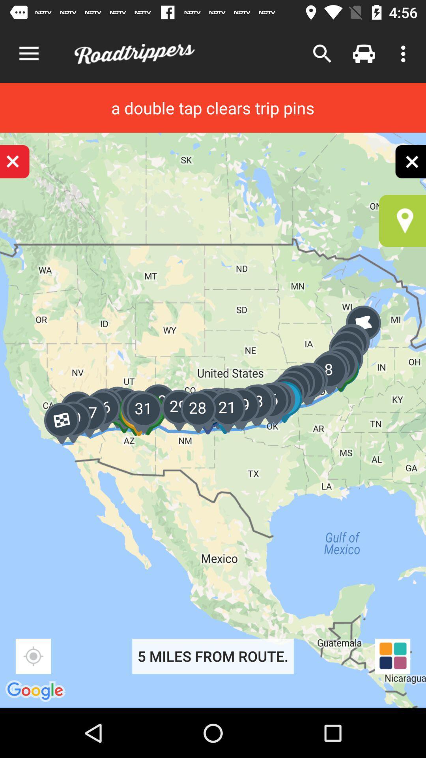  What do you see at coordinates (33, 656) in the screenshot?
I see `the location_crosshair icon` at bounding box center [33, 656].